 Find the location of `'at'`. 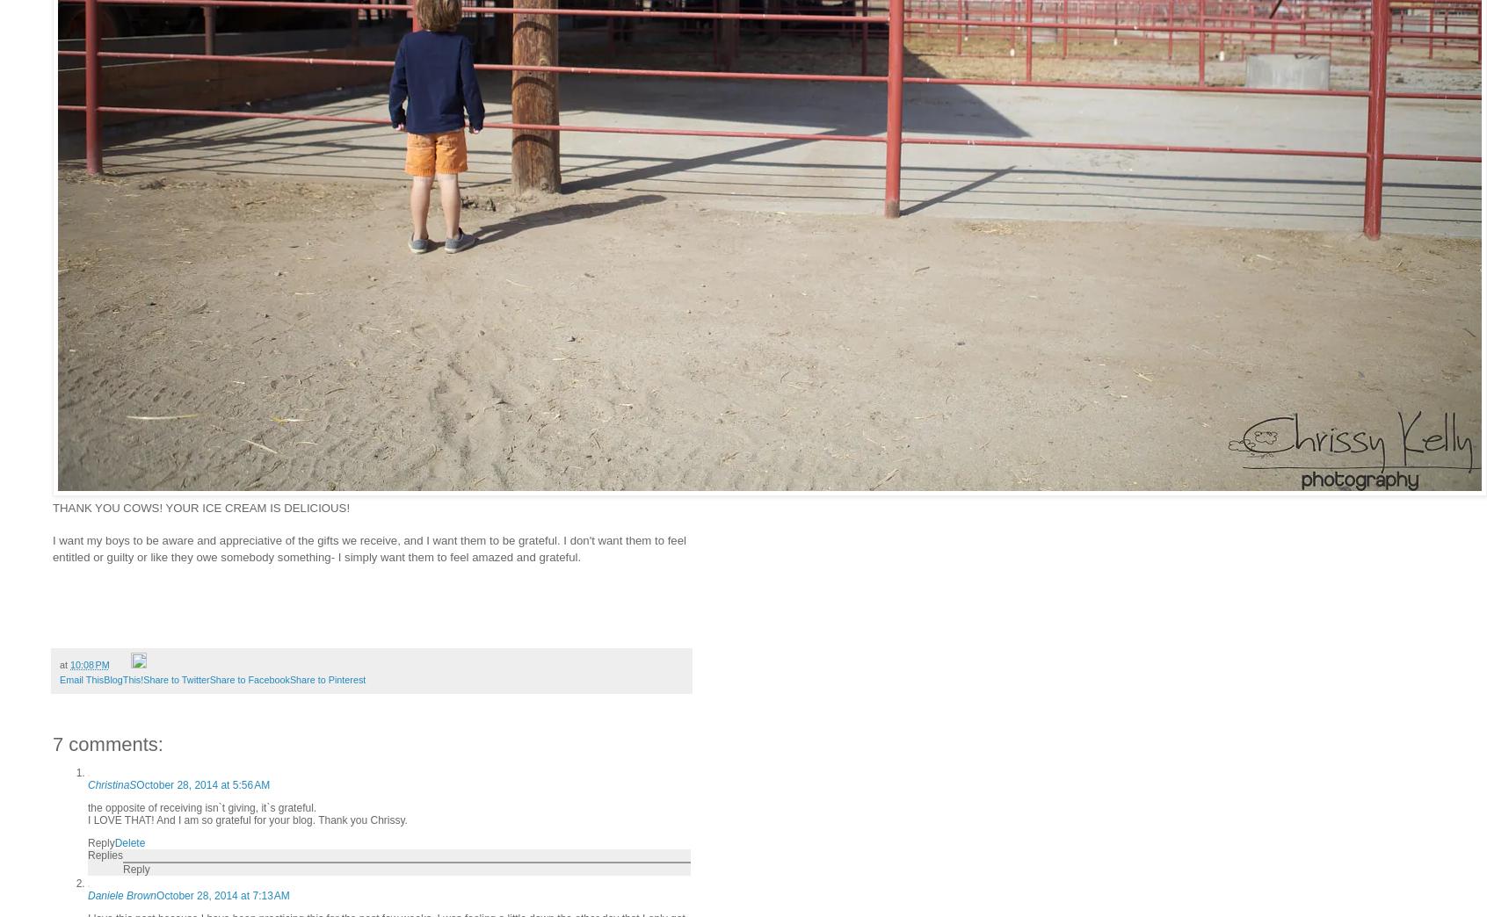

'at' is located at coordinates (64, 665).